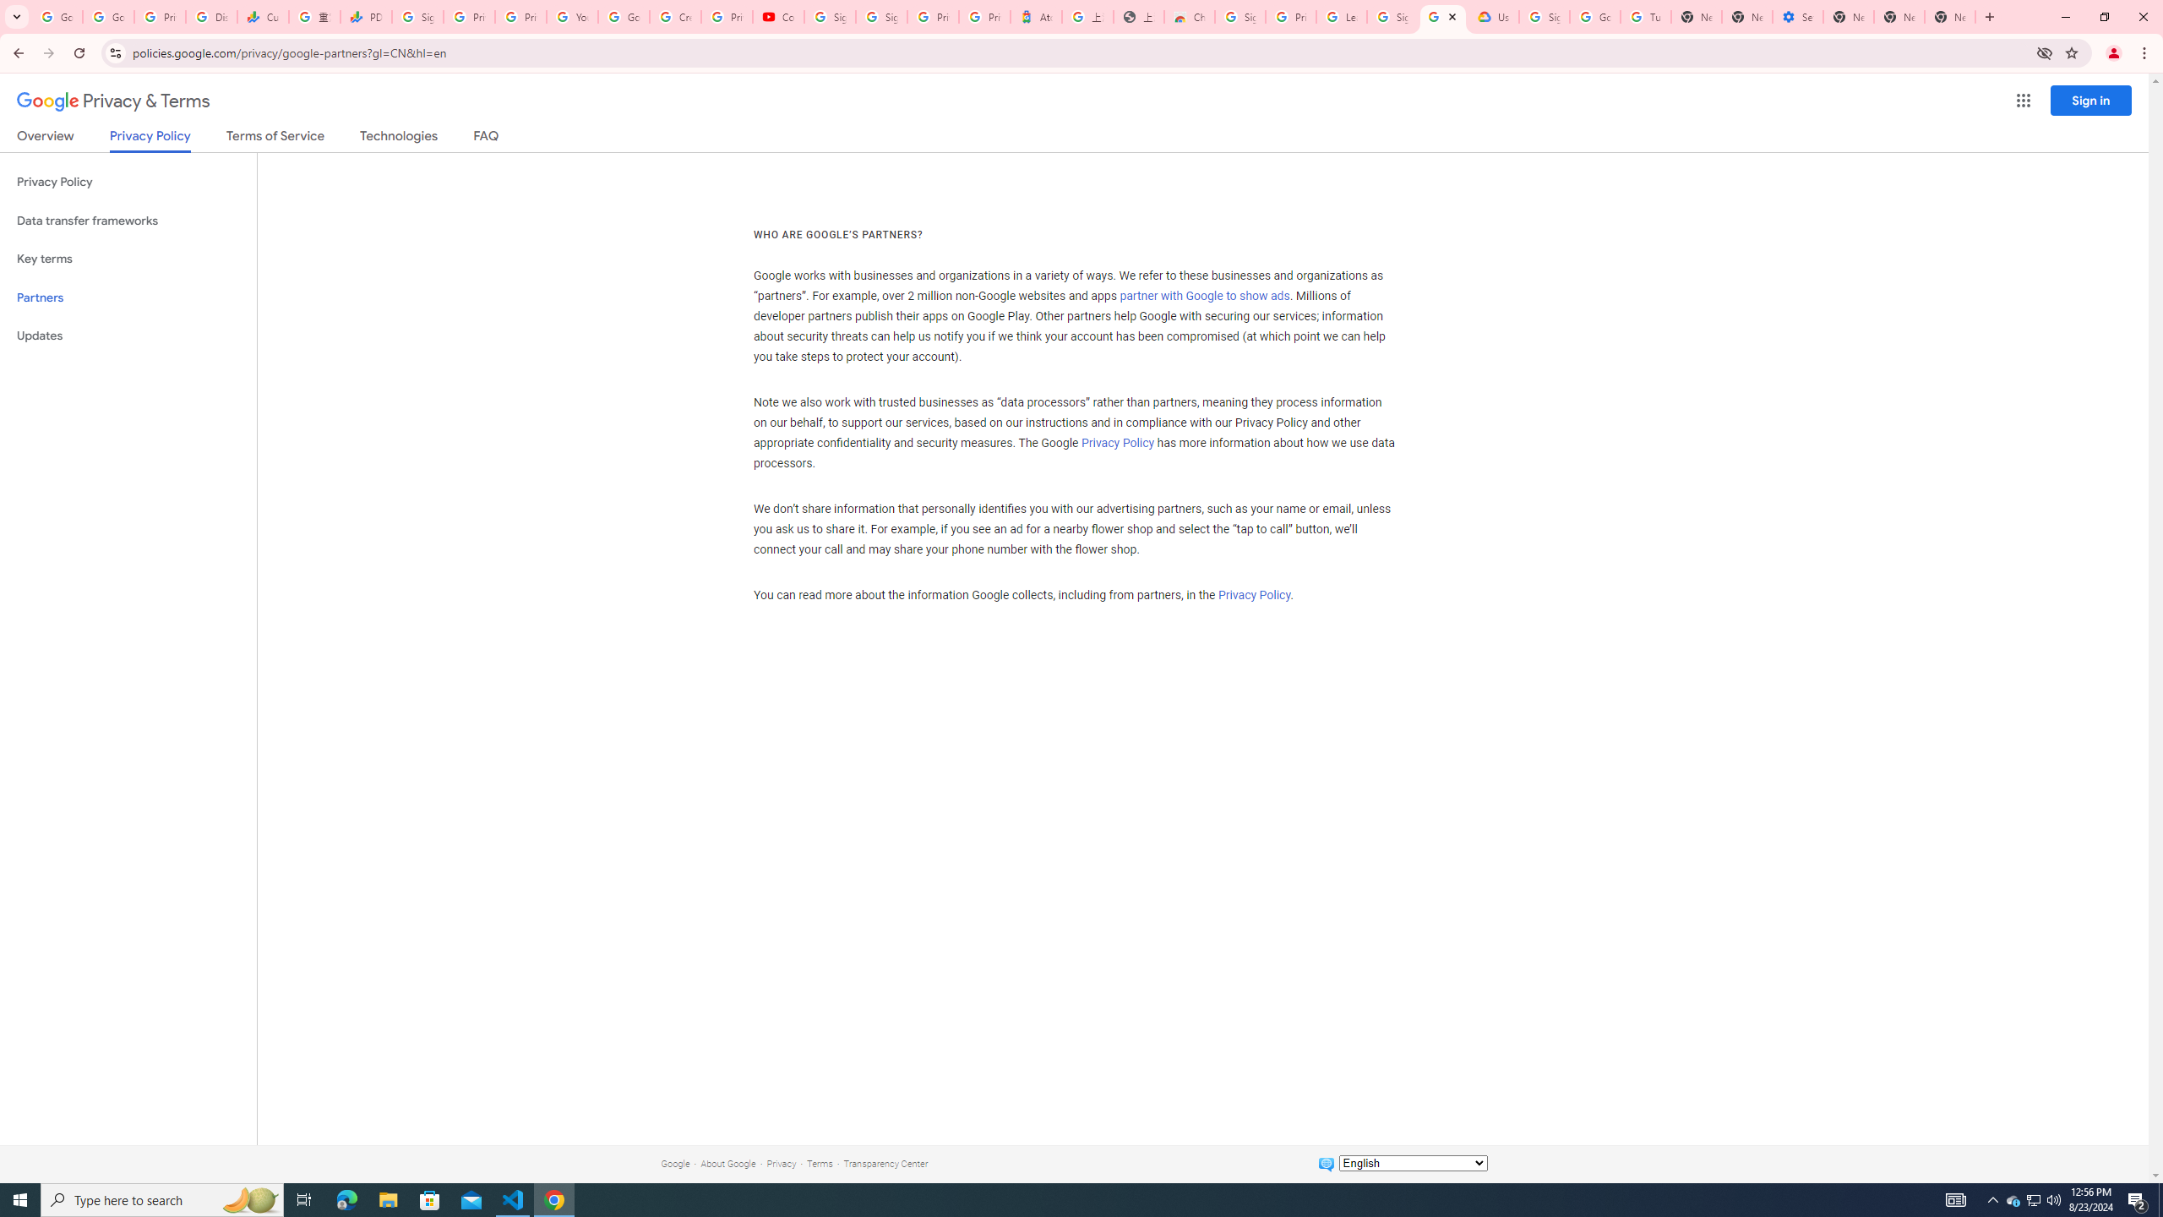 Image resolution: width=2163 pixels, height=1217 pixels. What do you see at coordinates (571, 16) in the screenshot?
I see `'YouTube'` at bounding box center [571, 16].